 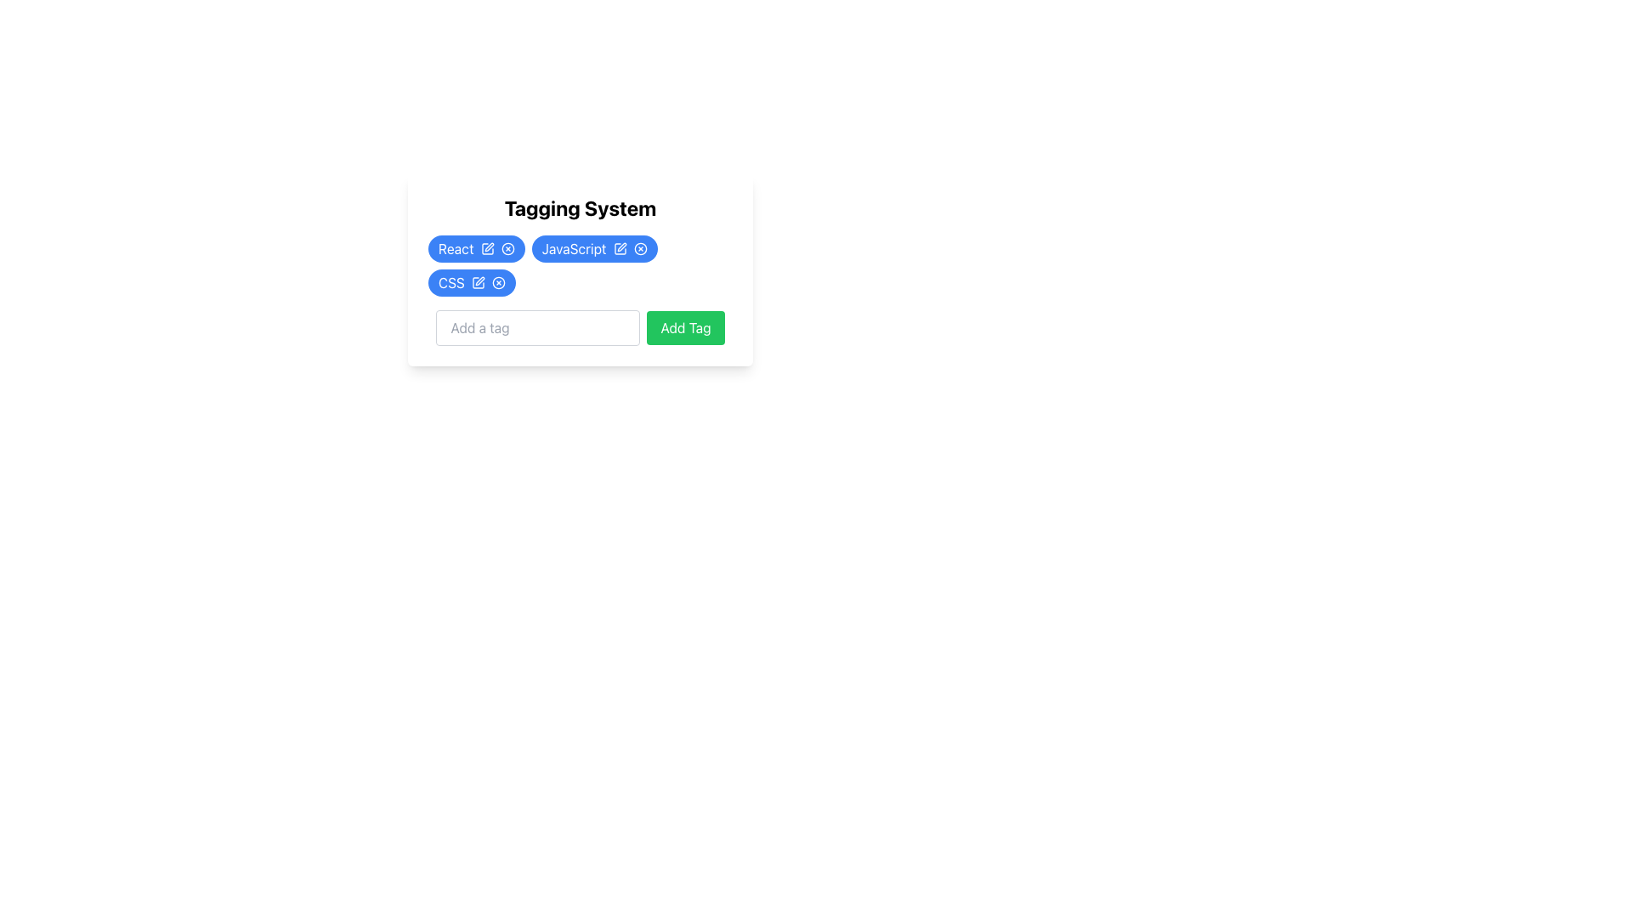 I want to click on the SVG Circle element associated with the 'JavaScript' tag, located in the second row of tags, positioned to the right of the label and adjacent to the 'edit' icon, so click(x=507, y=249).